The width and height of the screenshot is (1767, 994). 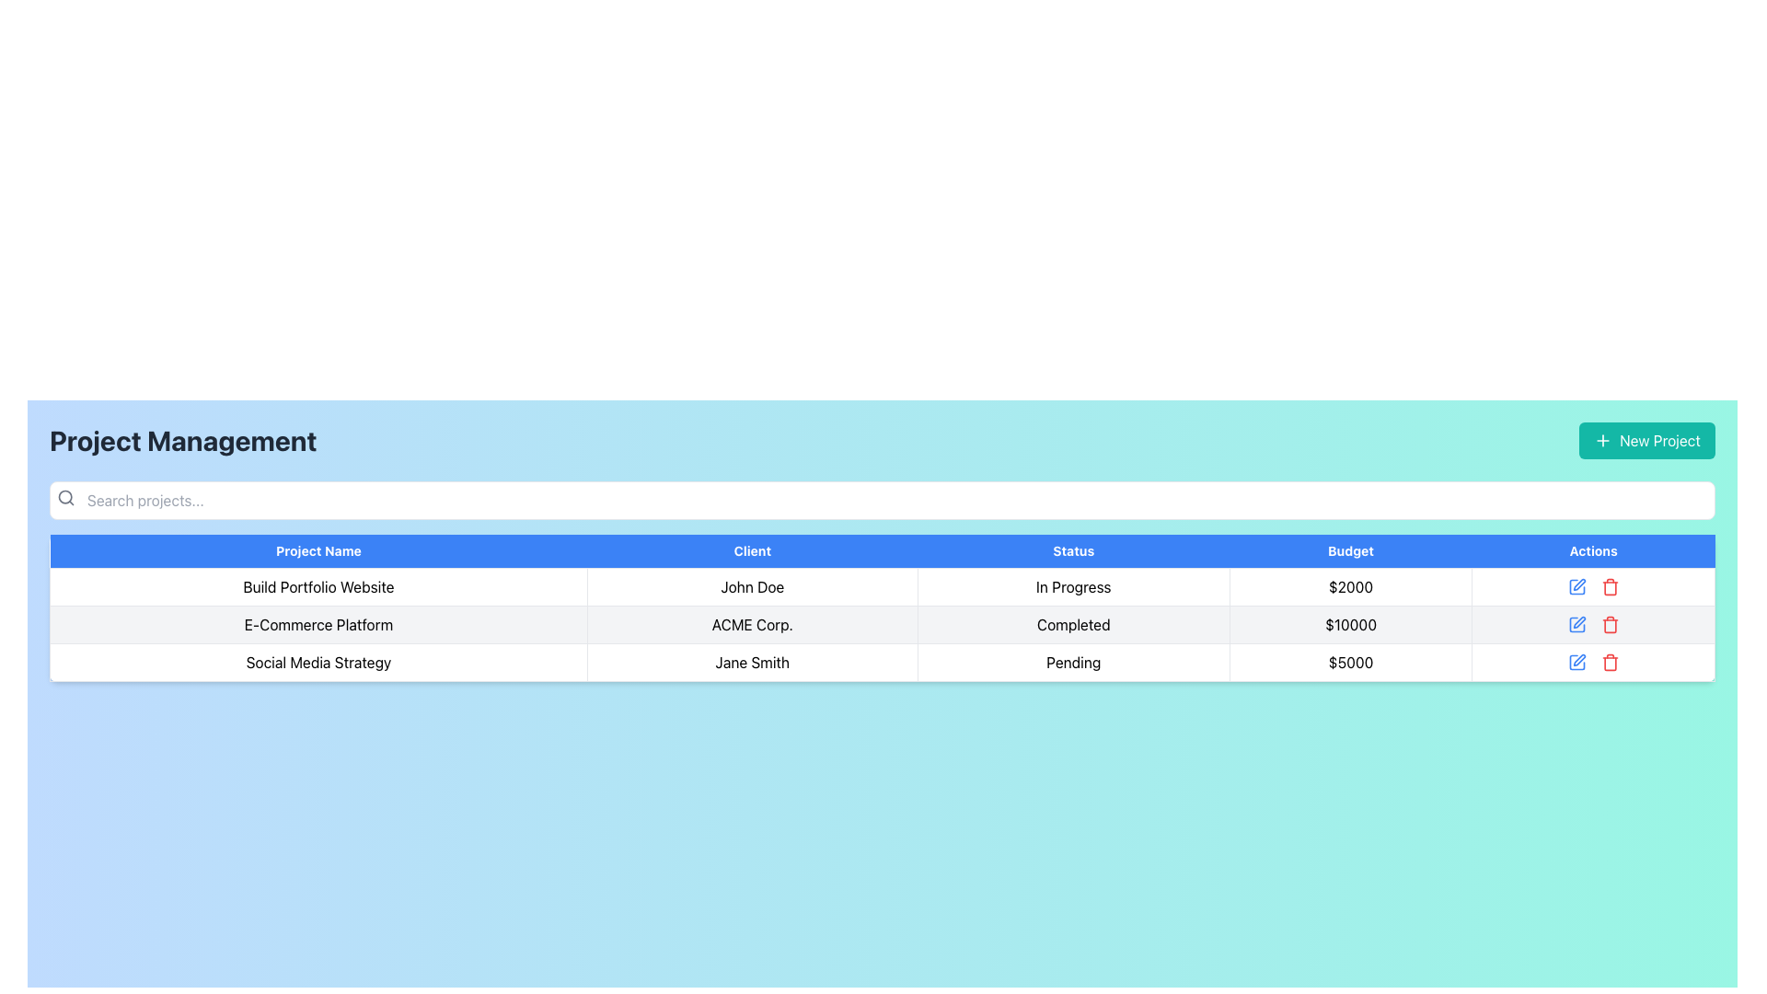 What do you see at coordinates (1576, 623) in the screenshot?
I see `the edit button (icon-based) located in the second row of the Actions column in the table to initiate the edit action` at bounding box center [1576, 623].